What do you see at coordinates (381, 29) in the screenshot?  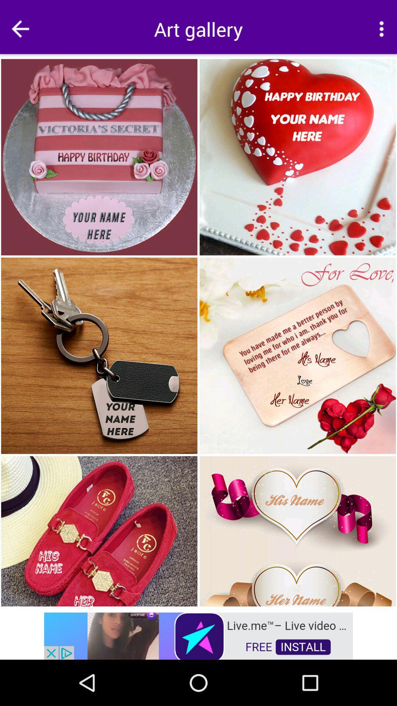 I see `more options` at bounding box center [381, 29].